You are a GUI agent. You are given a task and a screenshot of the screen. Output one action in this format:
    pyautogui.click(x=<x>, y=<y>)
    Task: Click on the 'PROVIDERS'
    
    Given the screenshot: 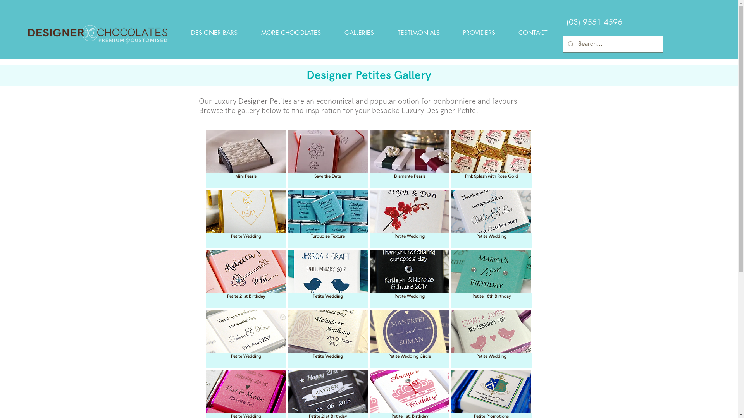 What is the action you would take?
    pyautogui.click(x=478, y=32)
    